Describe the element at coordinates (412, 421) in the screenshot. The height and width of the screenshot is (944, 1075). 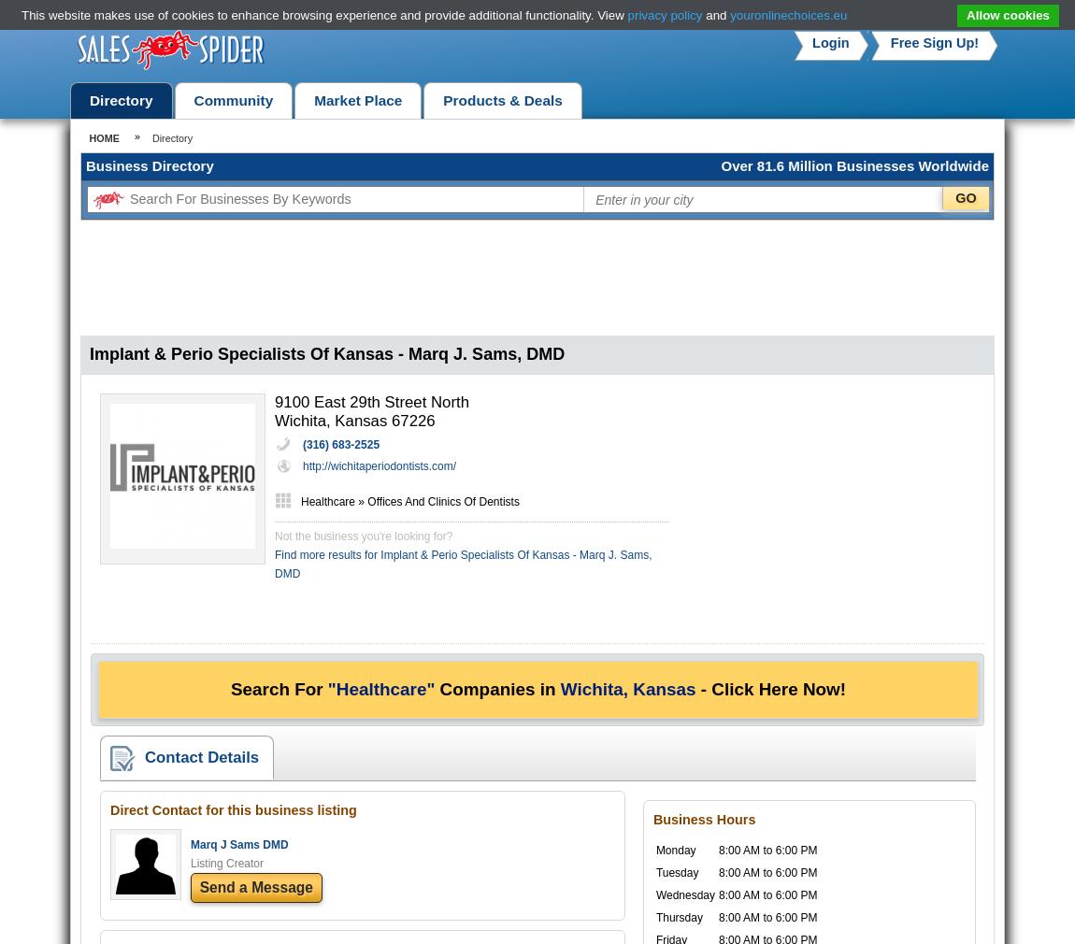
I see `'67226'` at that location.